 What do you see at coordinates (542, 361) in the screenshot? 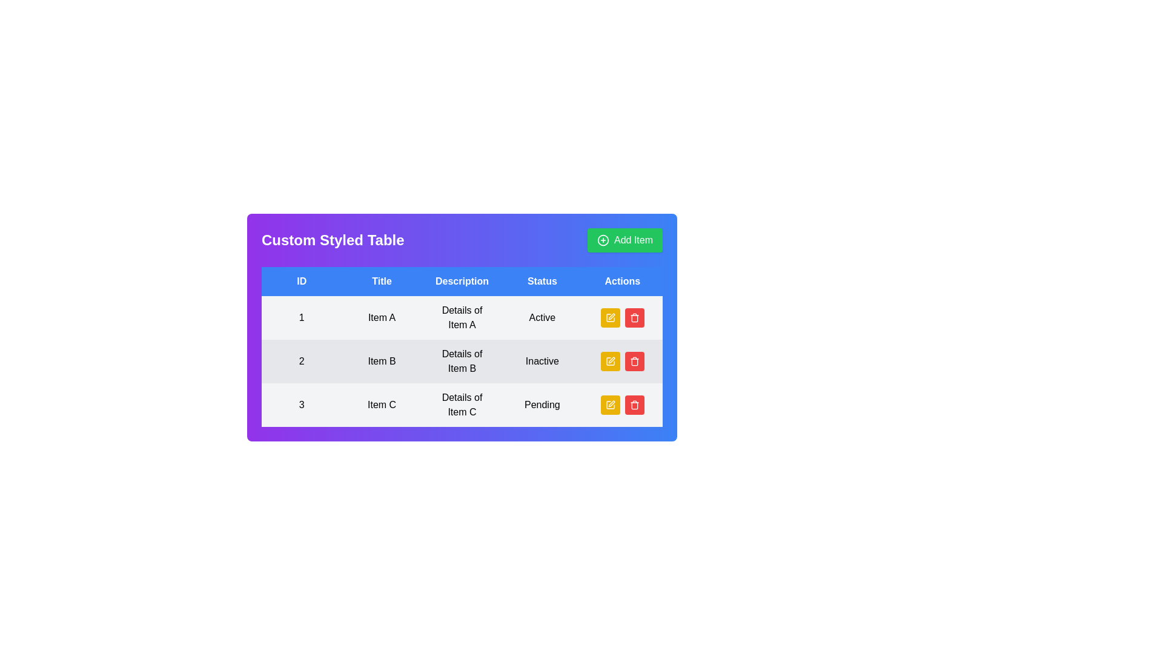
I see `the status indicator for 'Item B' in the fourth column of the second row of the table, which shows that the item is inactive` at bounding box center [542, 361].